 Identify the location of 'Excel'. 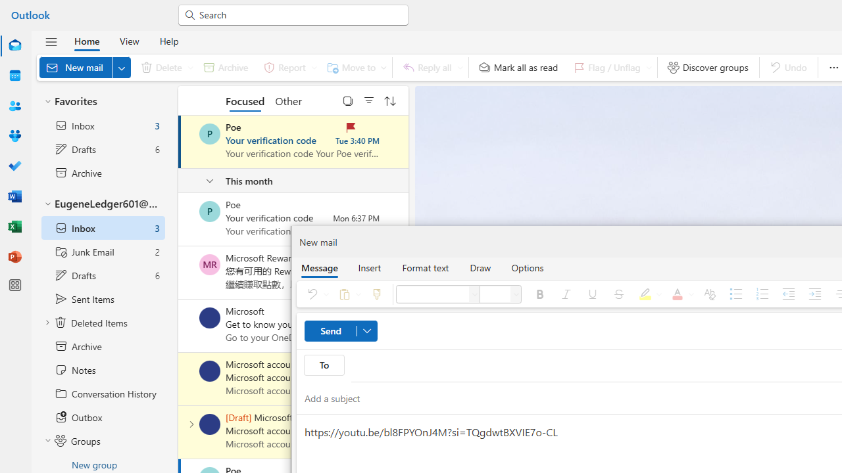
(15, 225).